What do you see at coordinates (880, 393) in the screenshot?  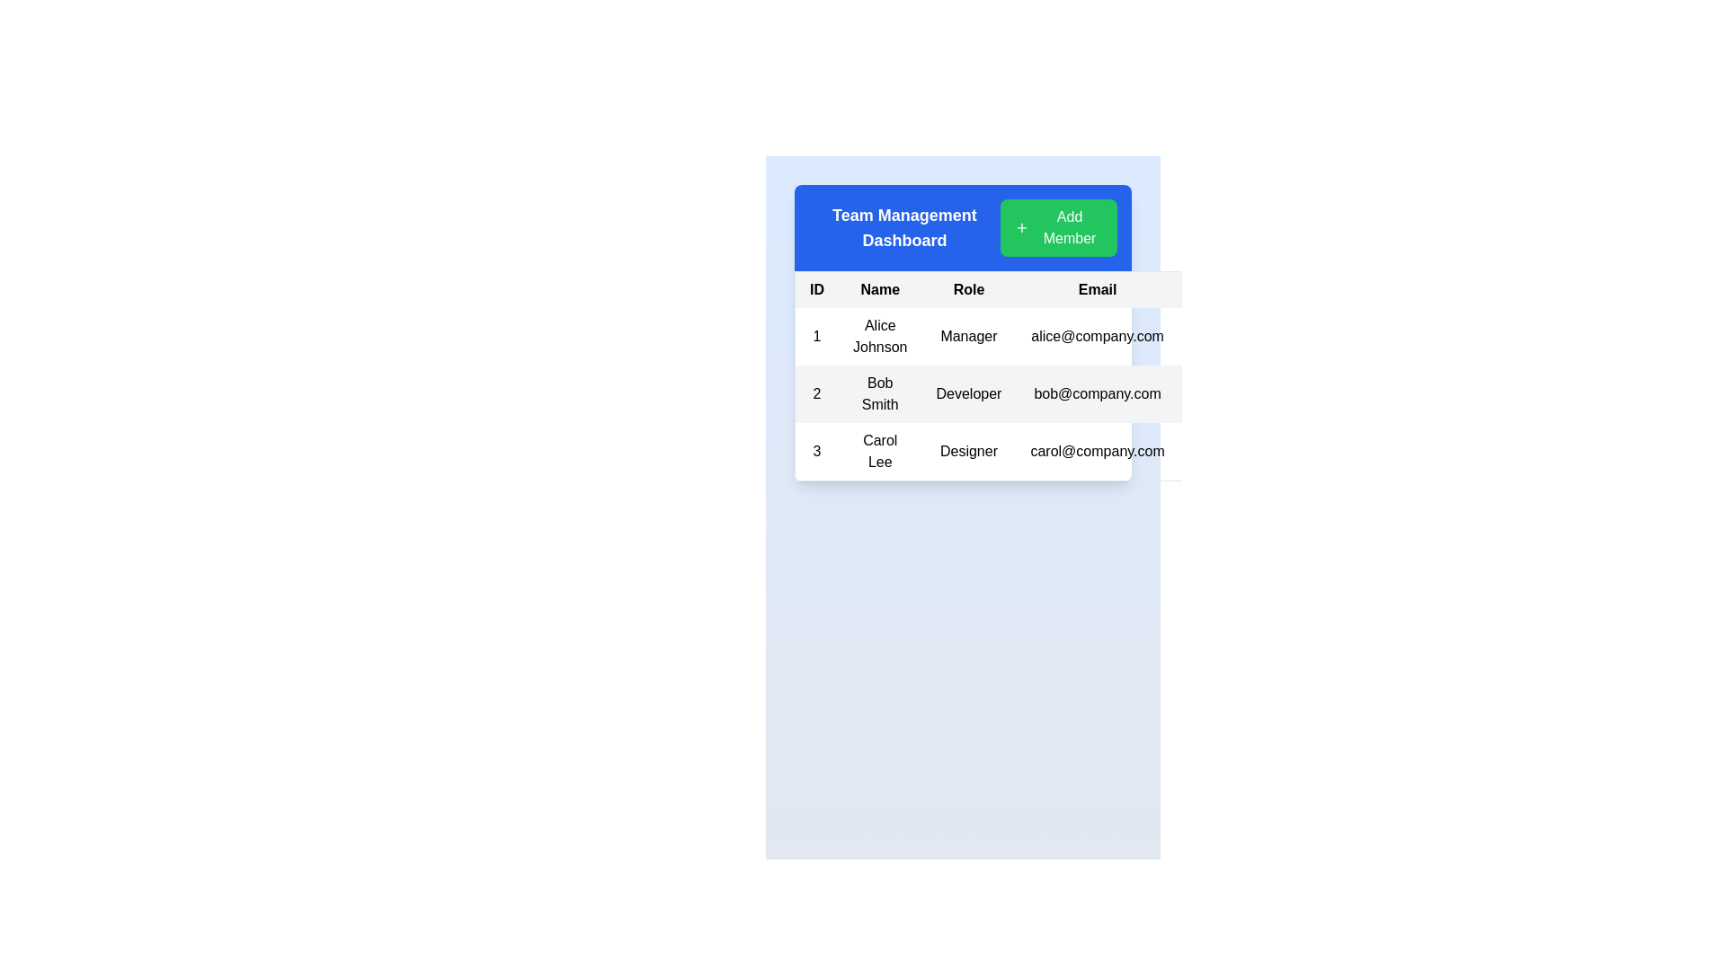 I see `the text element displaying the name 'Bob Smith' located in the second row of the table within the 'Name' column` at bounding box center [880, 393].